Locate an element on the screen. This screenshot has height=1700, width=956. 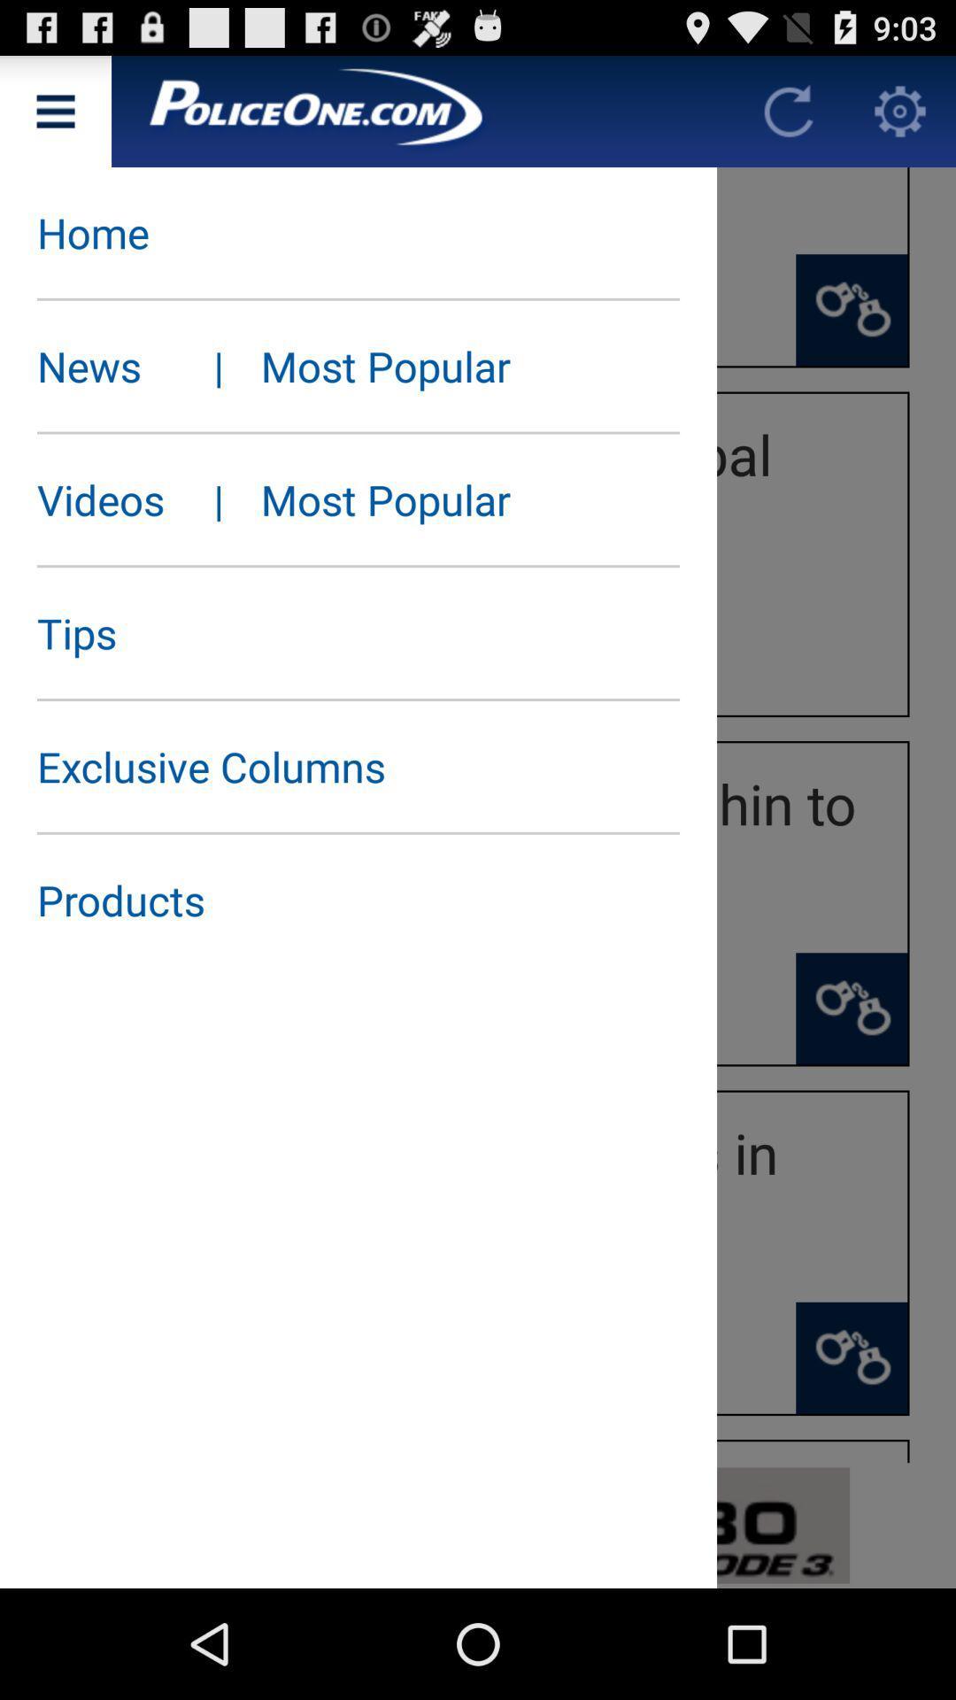
the menu icon is located at coordinates (54, 118).